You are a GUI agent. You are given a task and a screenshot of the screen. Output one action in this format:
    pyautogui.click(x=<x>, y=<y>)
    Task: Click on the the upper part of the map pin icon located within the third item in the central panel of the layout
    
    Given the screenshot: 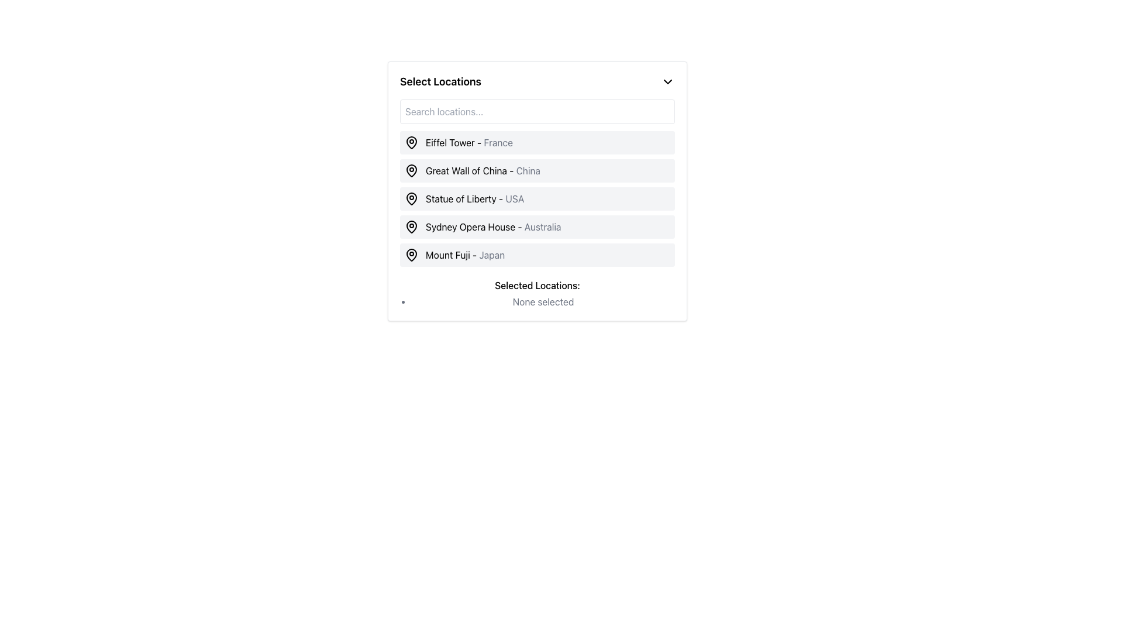 What is the action you would take?
    pyautogui.click(x=412, y=198)
    